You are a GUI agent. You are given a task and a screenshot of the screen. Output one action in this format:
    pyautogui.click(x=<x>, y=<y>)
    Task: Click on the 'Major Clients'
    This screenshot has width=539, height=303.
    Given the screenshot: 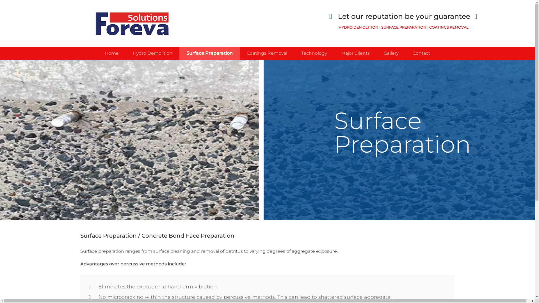 What is the action you would take?
    pyautogui.click(x=355, y=53)
    